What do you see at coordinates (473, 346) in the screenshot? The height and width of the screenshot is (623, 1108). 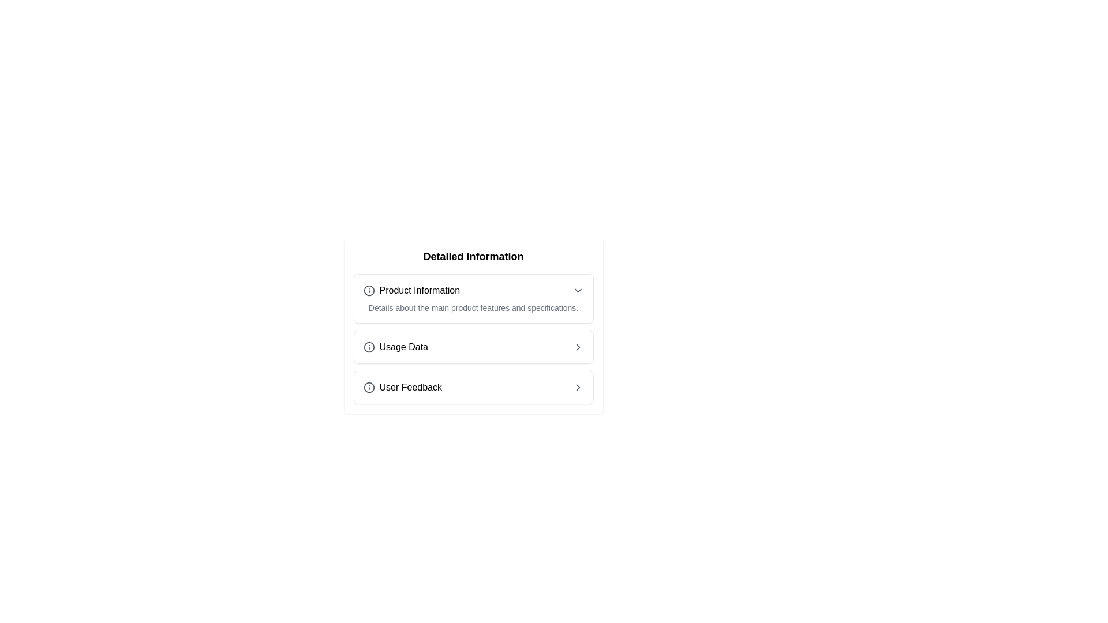 I see `the second button styled as a list item in the 'Detailed Information' section` at bounding box center [473, 346].